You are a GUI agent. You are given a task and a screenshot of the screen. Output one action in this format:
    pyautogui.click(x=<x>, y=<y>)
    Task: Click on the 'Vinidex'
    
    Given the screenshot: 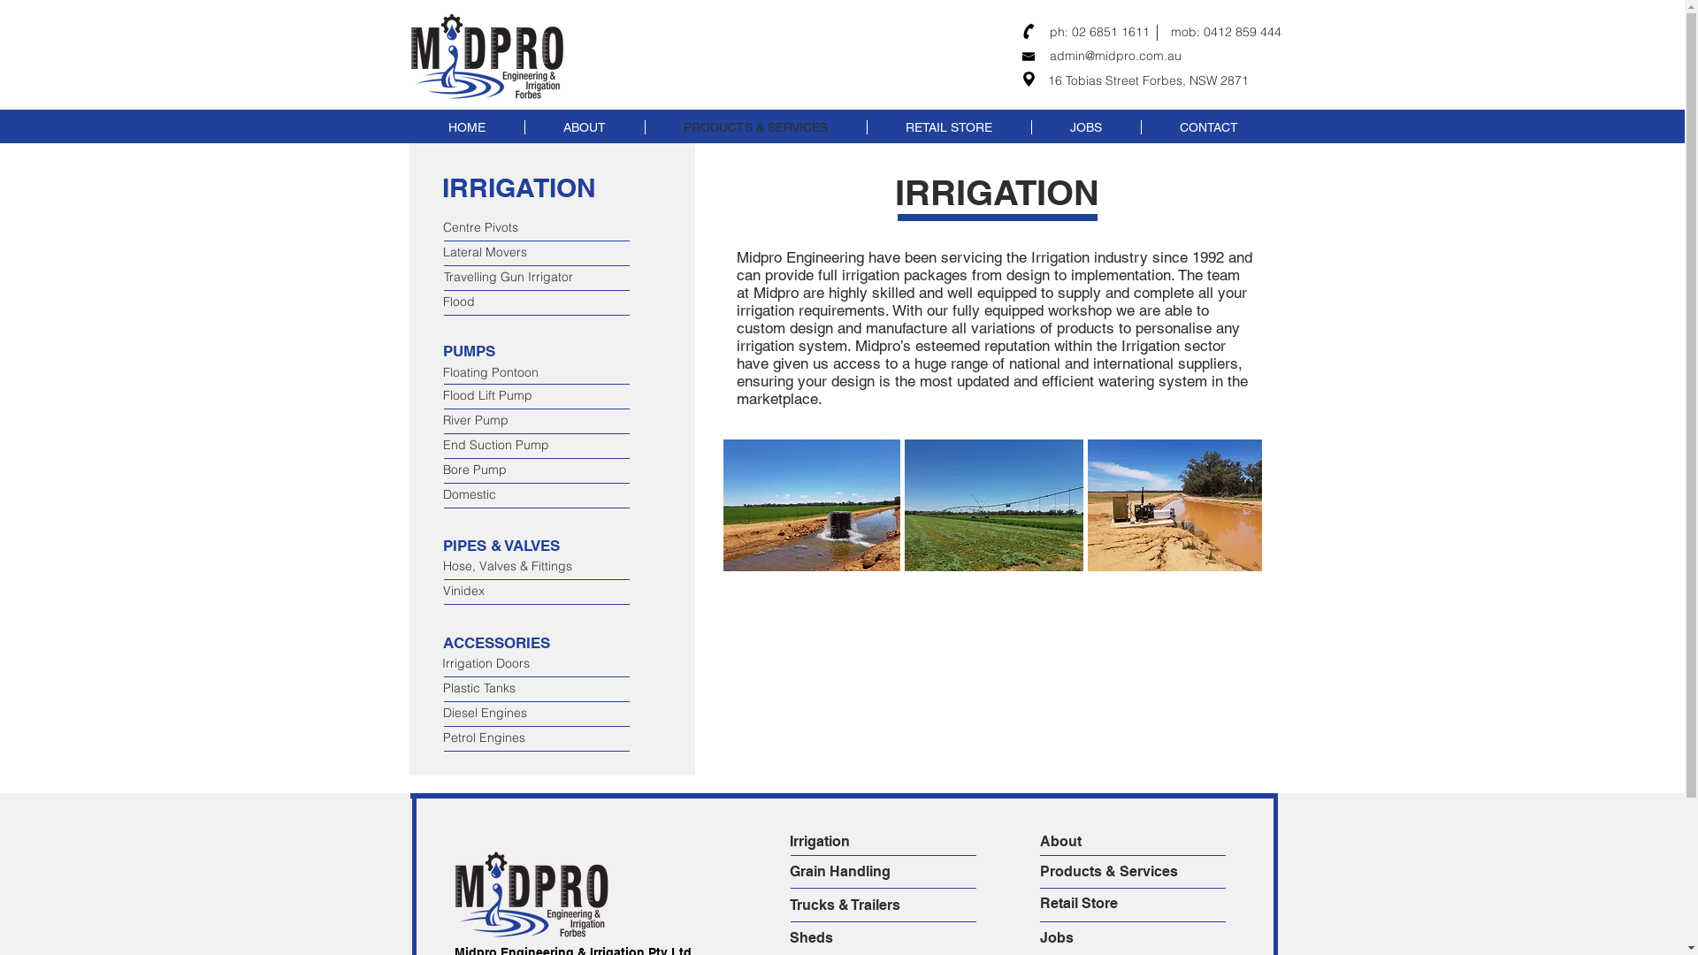 What is the action you would take?
    pyautogui.click(x=504, y=592)
    